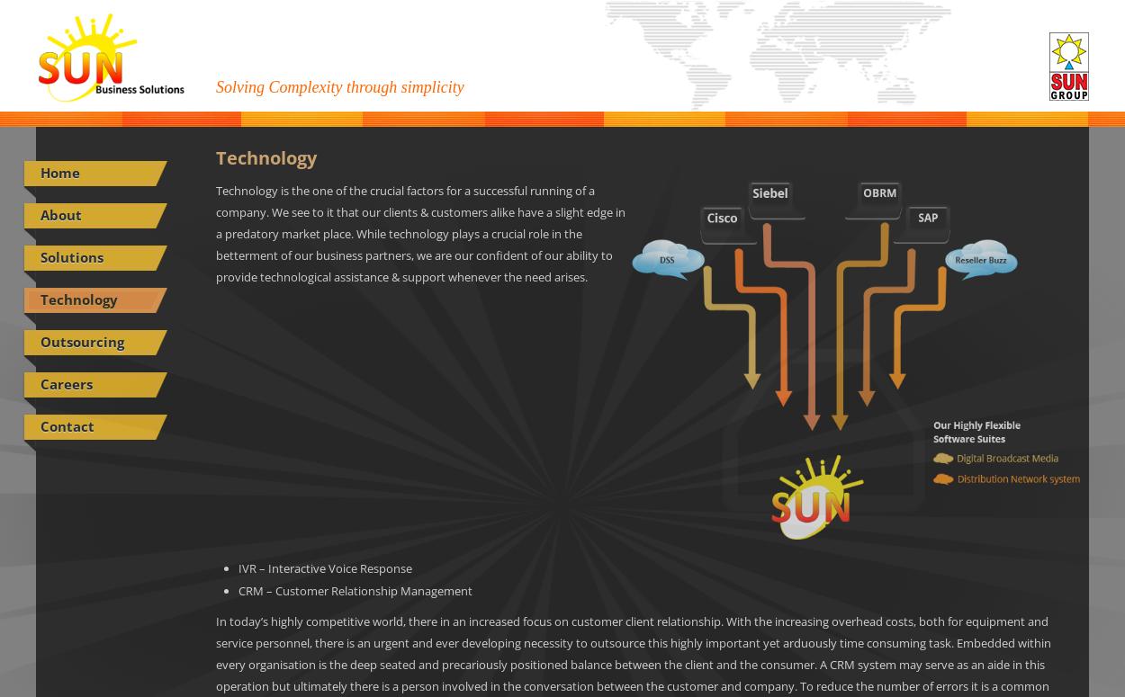 This screenshot has height=697, width=1125. What do you see at coordinates (66, 383) in the screenshot?
I see `'Careers'` at bounding box center [66, 383].